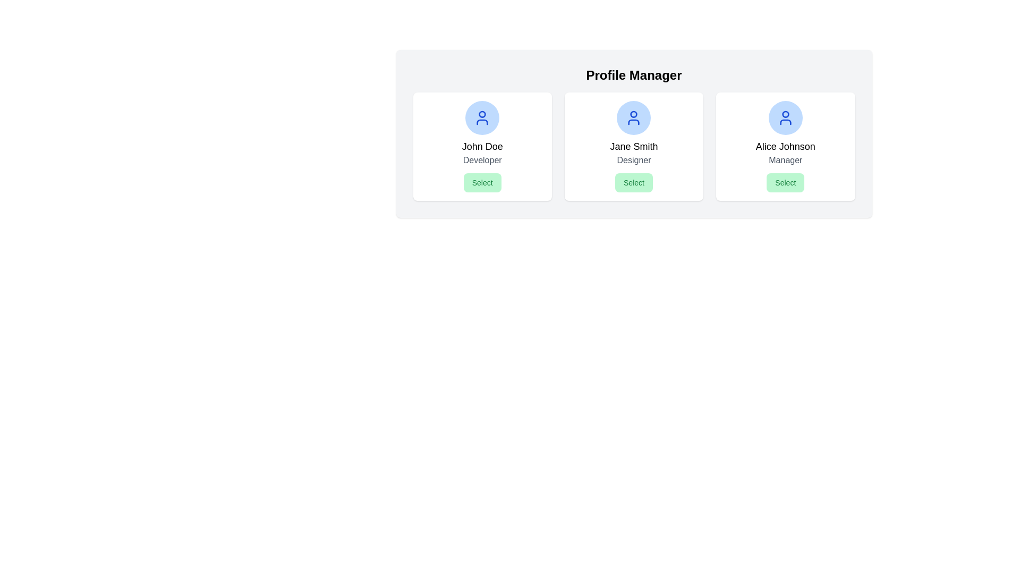  Describe the element at coordinates (482, 118) in the screenshot. I see `the user profile icon representing John Doe's developer profile, located in the leftmost card under the 'Profile Manager' heading` at that location.